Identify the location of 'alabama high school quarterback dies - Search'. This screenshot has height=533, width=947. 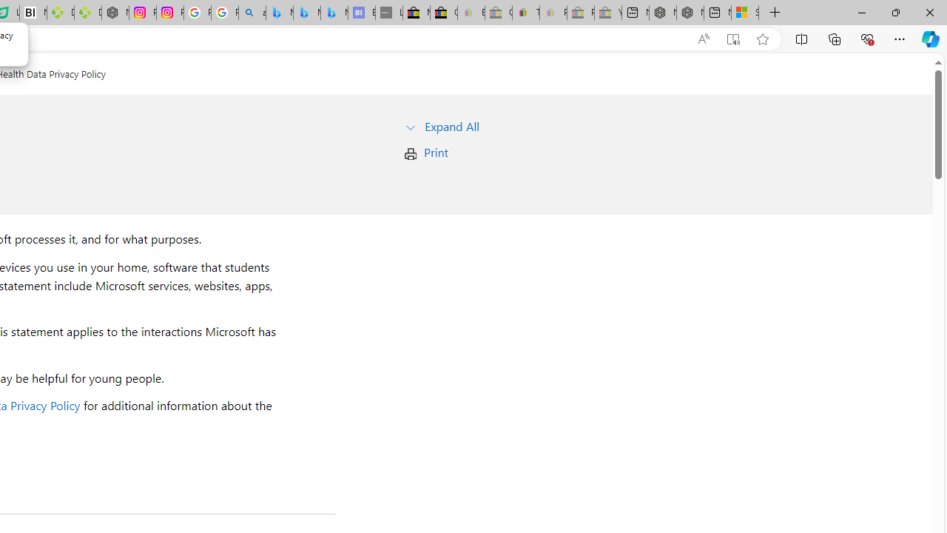
(252, 13).